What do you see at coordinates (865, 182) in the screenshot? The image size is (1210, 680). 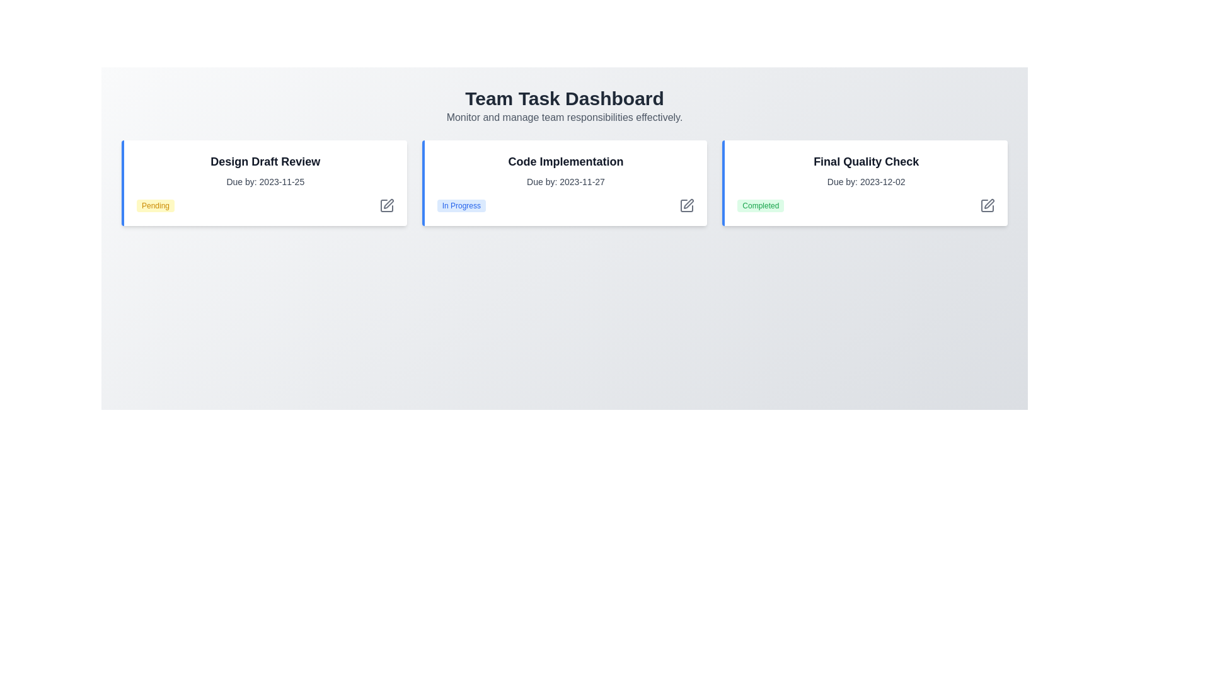 I see `the static text label displaying the due date 'Due by: 2023-12-02' located below the task title 'Final Quality Check' in the task card UI` at bounding box center [865, 182].